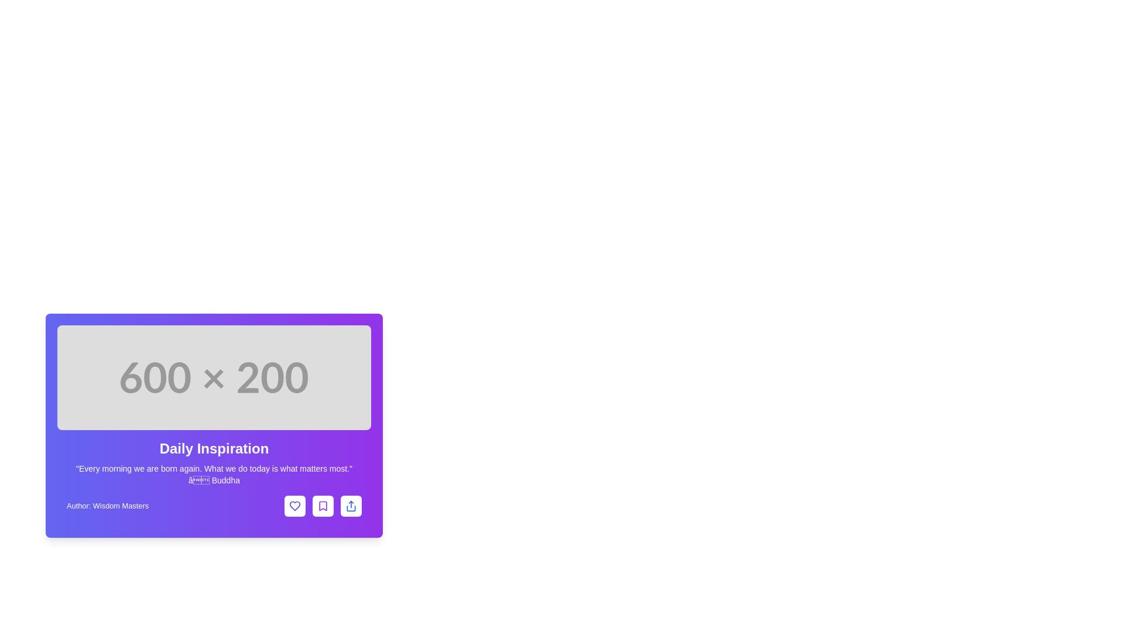 The height and width of the screenshot is (632, 1124). What do you see at coordinates (323, 505) in the screenshot?
I see `the bookmark button, which is located between the heart icon button and the share icon button on the row of three similar buttons` at bounding box center [323, 505].